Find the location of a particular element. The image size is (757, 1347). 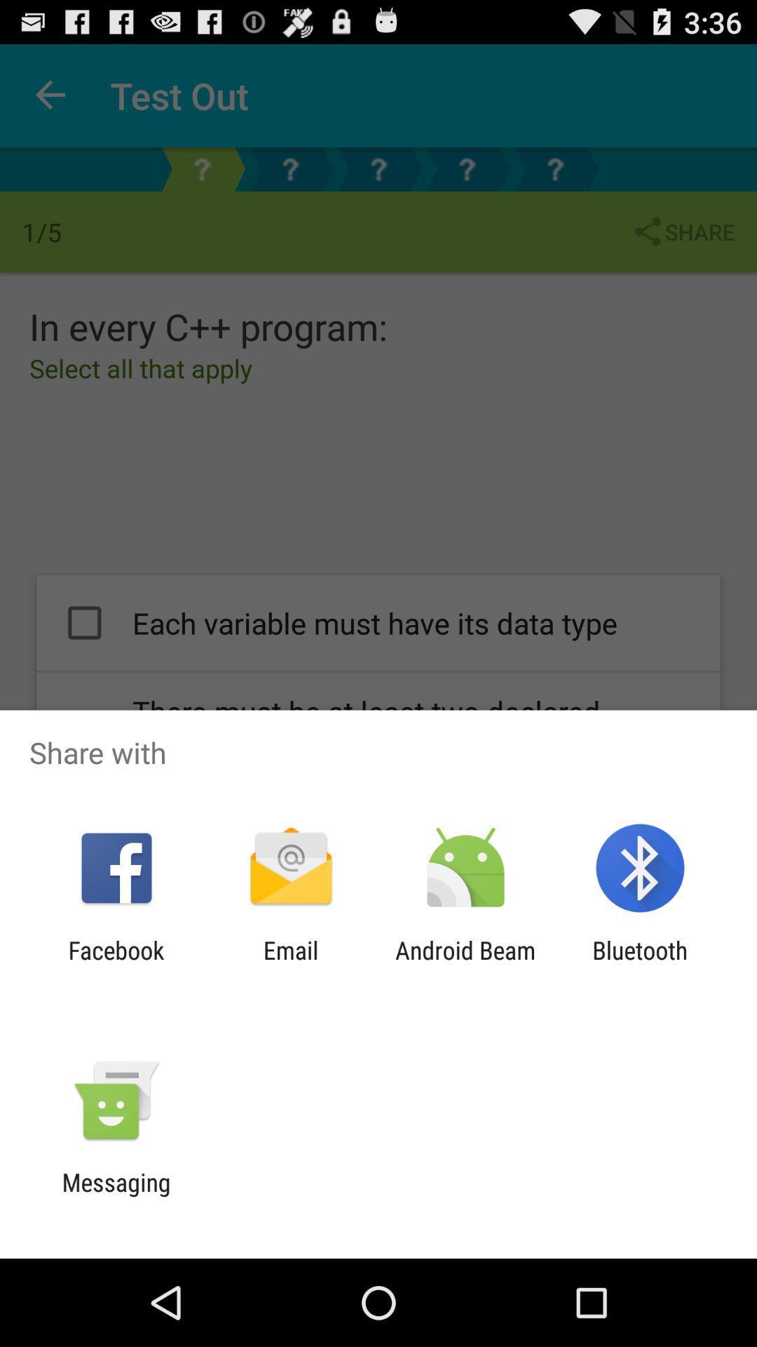

icon to the left of the bluetooth icon is located at coordinates (465, 964).